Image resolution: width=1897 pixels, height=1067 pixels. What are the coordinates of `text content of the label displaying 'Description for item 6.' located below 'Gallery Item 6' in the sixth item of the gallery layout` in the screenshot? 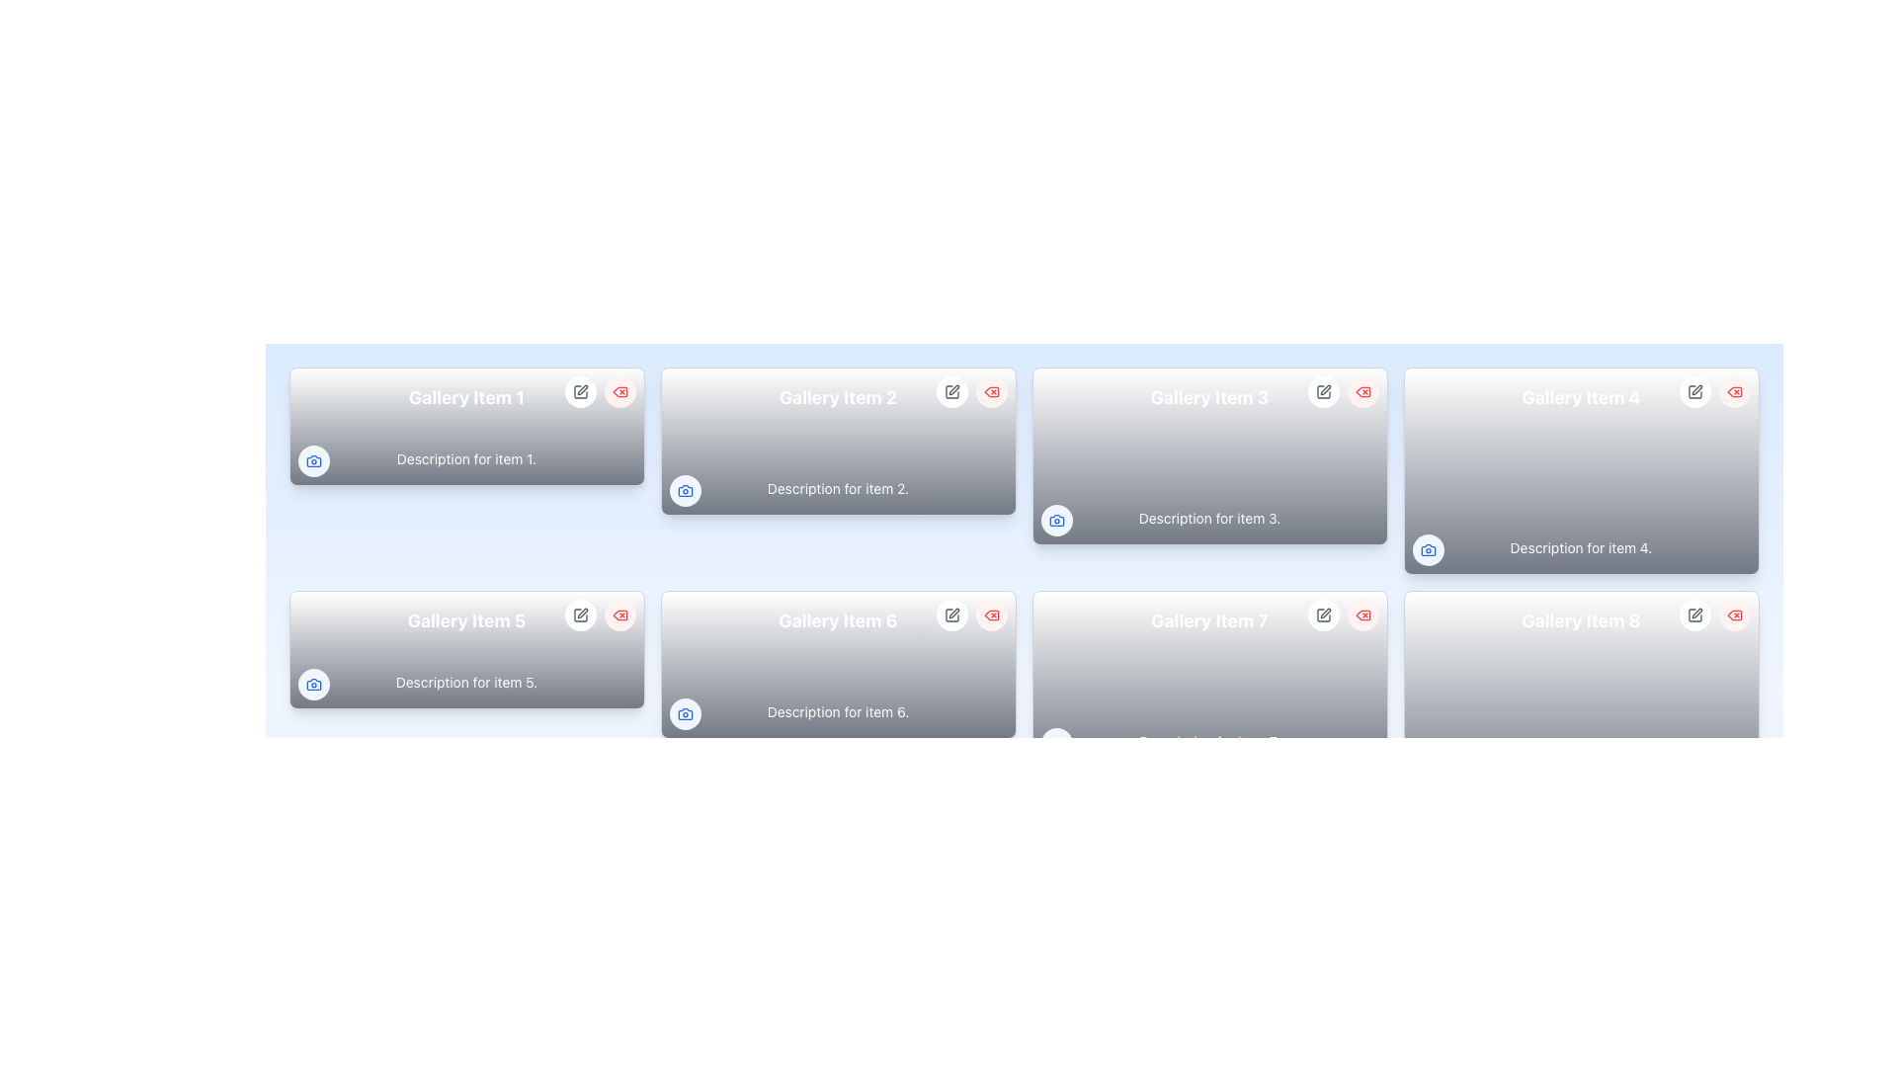 It's located at (838, 712).